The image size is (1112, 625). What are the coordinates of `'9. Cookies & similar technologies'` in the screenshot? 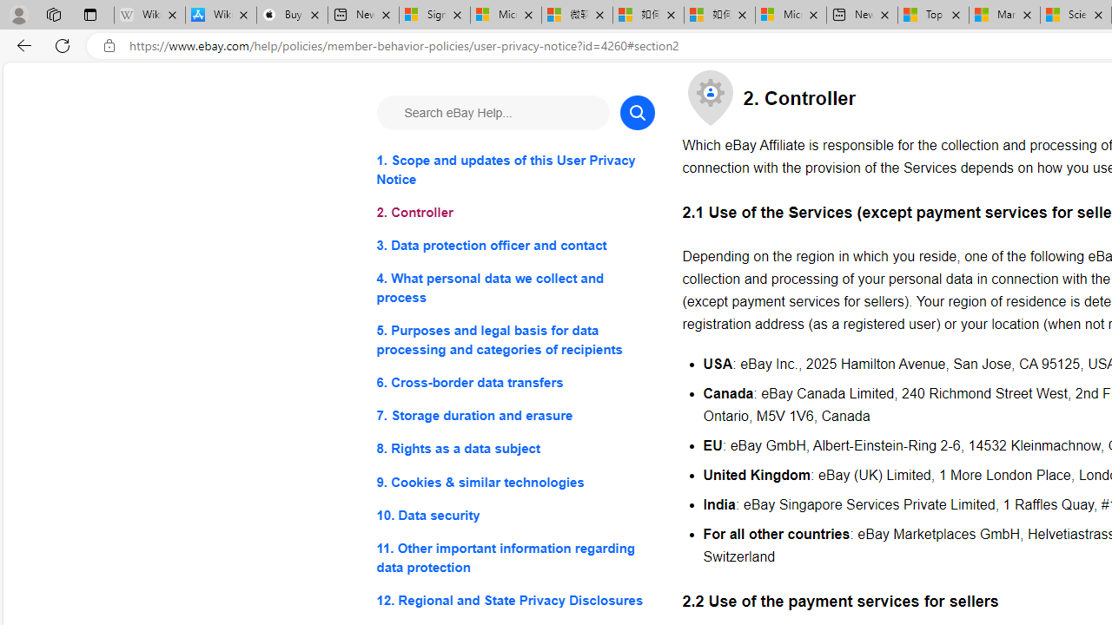 It's located at (514, 482).